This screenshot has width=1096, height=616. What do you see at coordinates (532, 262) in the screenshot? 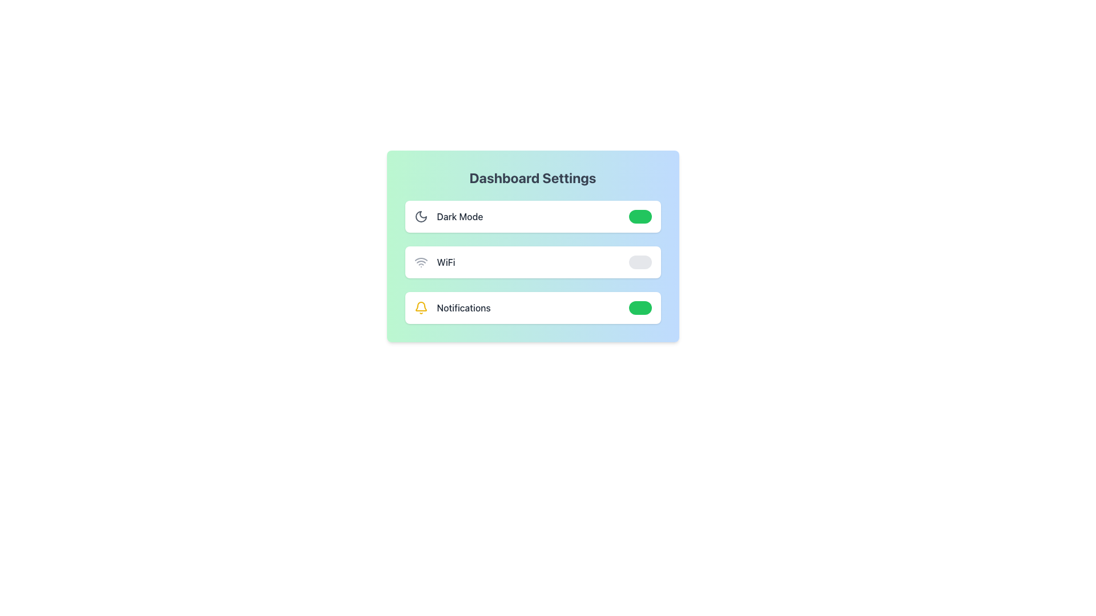
I see `the toggle switch in the Interactive control section labeled 'WiFi' to change its state` at bounding box center [532, 262].